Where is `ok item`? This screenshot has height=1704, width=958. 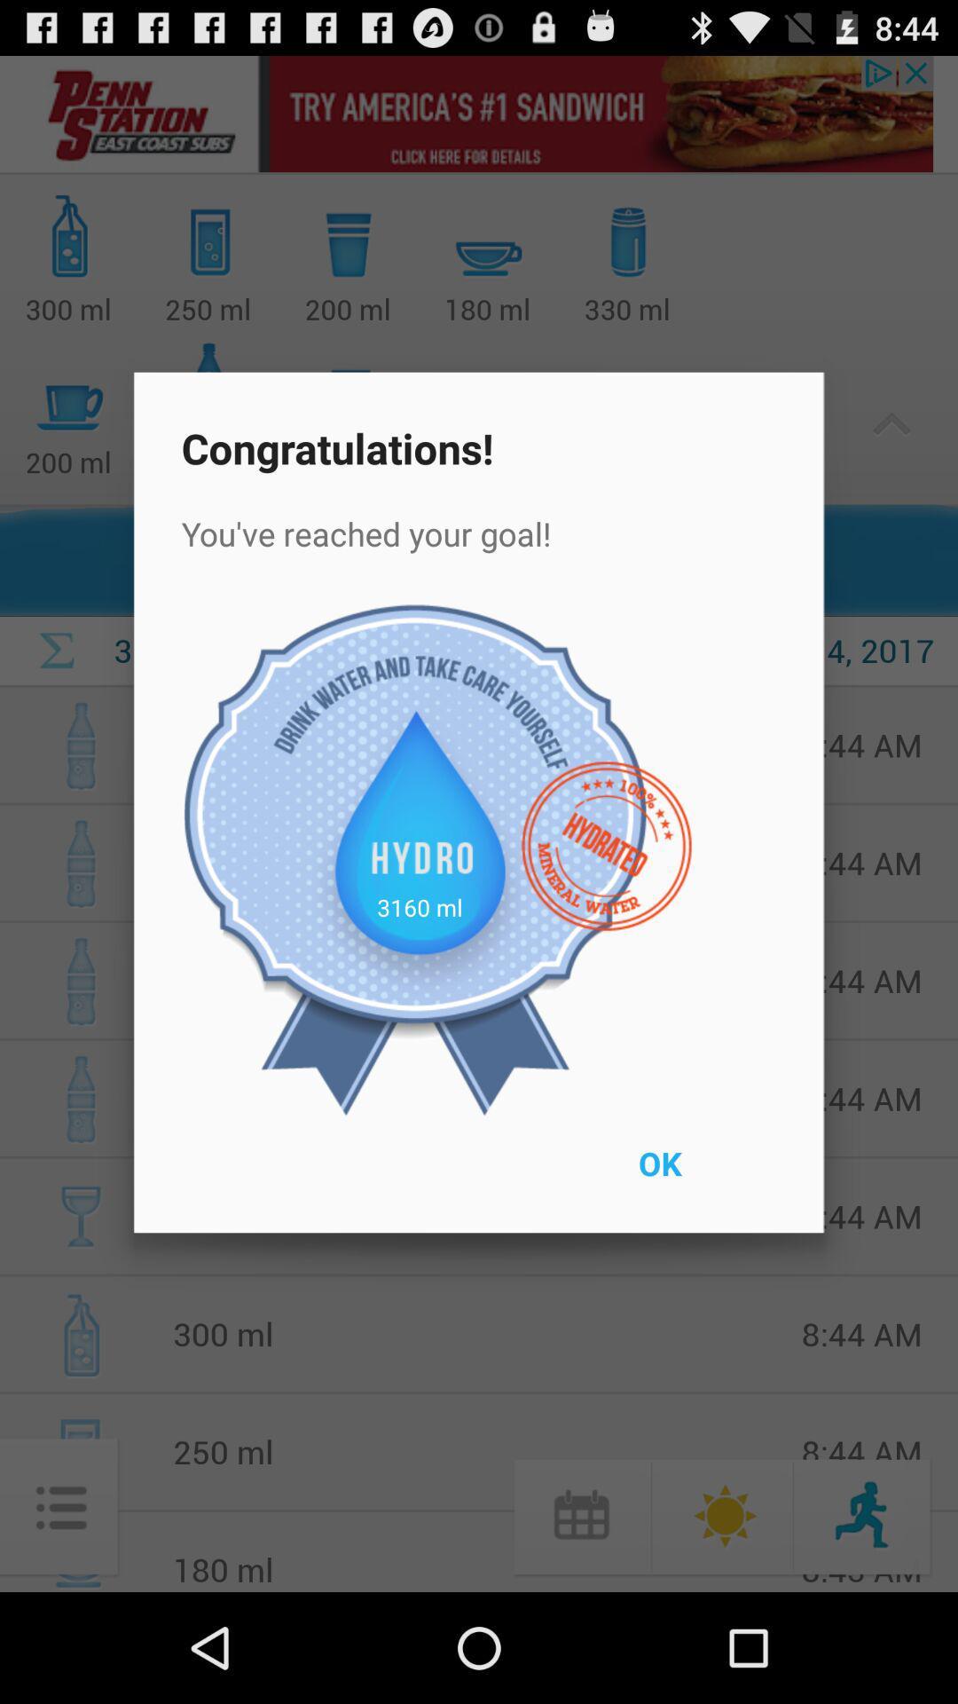
ok item is located at coordinates (700, 1175).